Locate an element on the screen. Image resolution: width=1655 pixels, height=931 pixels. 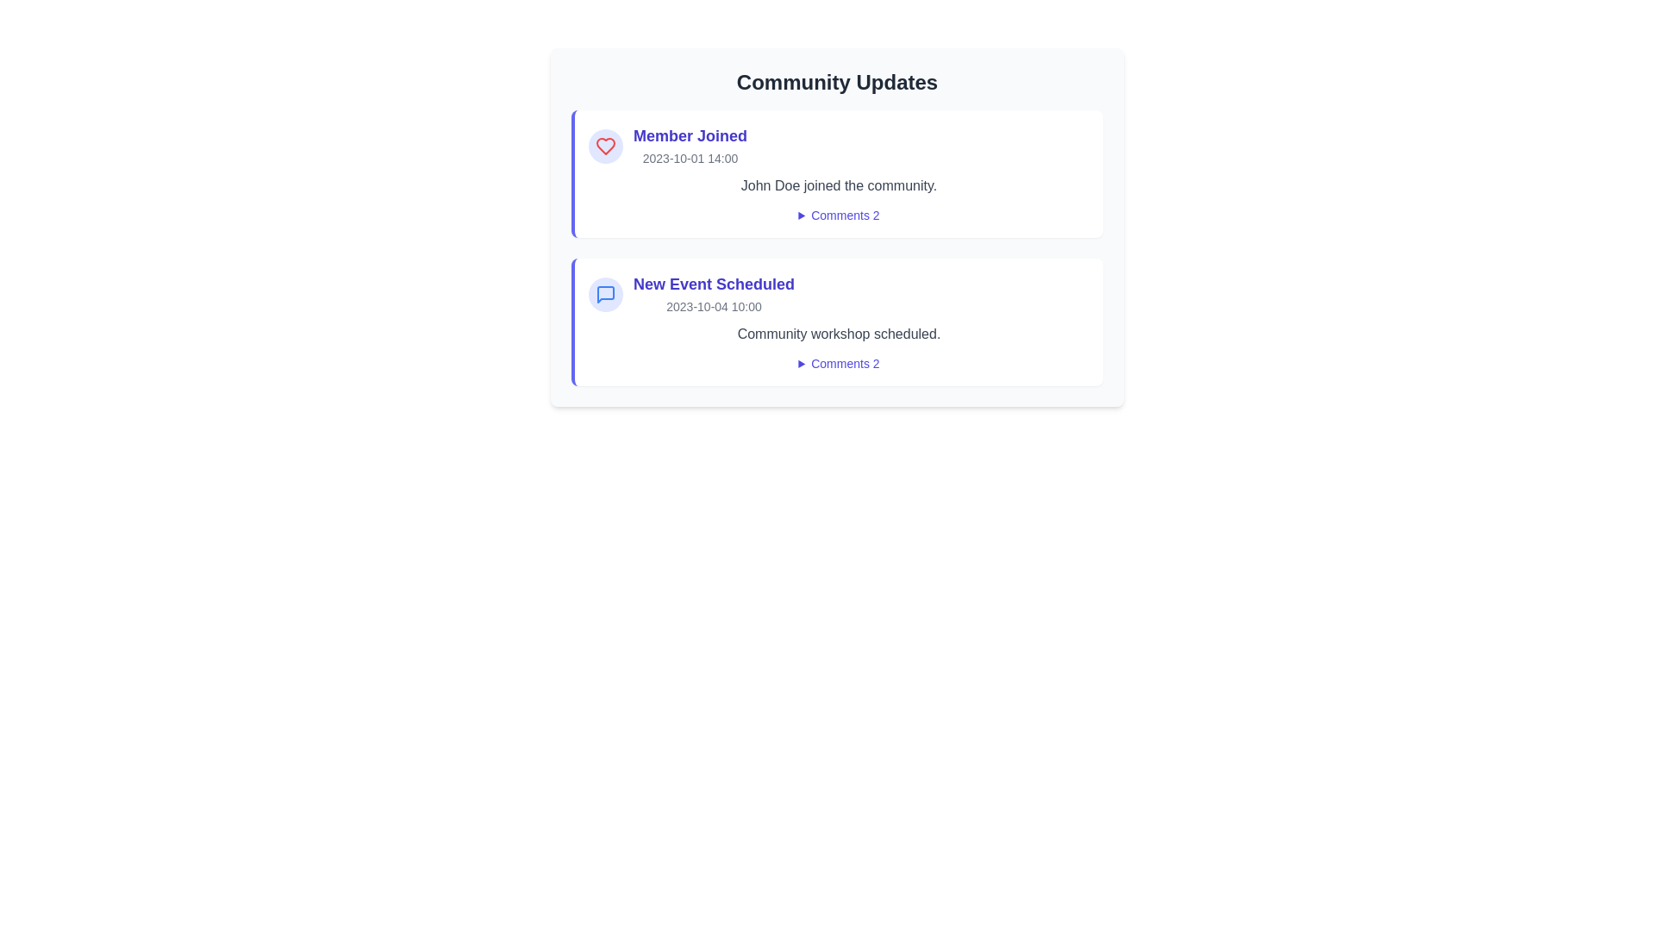
the message or comment icon located to the left of the title text in the 'New Event Scheduled' list item is located at coordinates (605, 294).